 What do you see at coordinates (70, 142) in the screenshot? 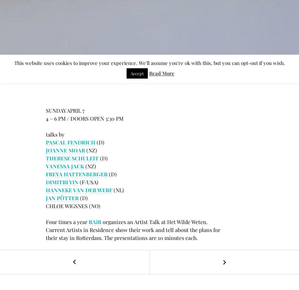
I see `'PASCAL FENDRICH'` at bounding box center [70, 142].